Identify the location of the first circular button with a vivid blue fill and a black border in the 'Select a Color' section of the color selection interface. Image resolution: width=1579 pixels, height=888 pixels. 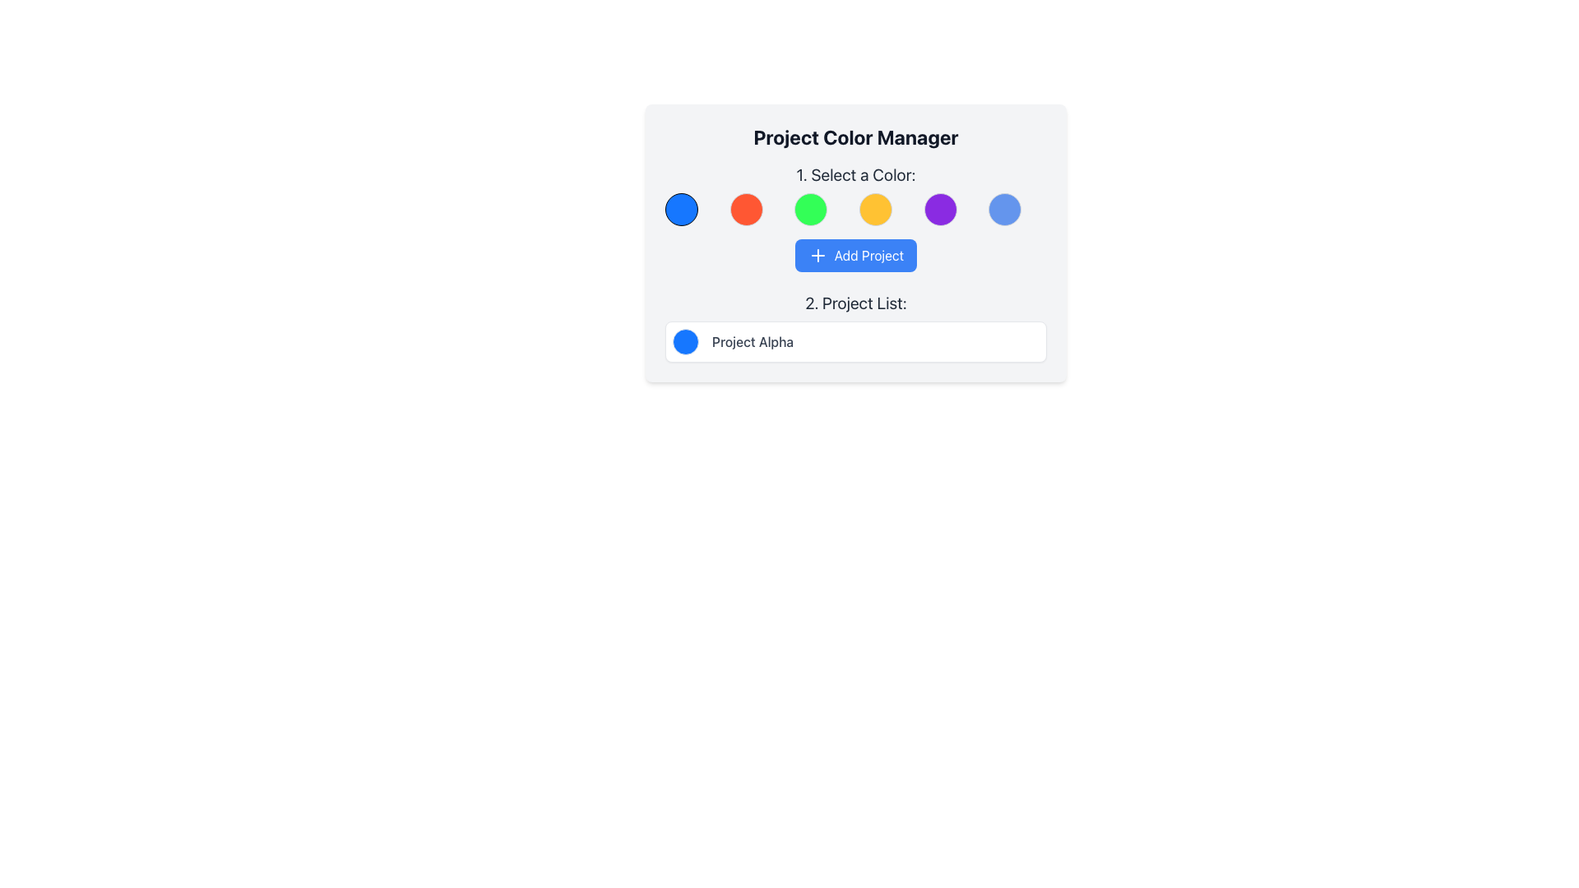
(682, 208).